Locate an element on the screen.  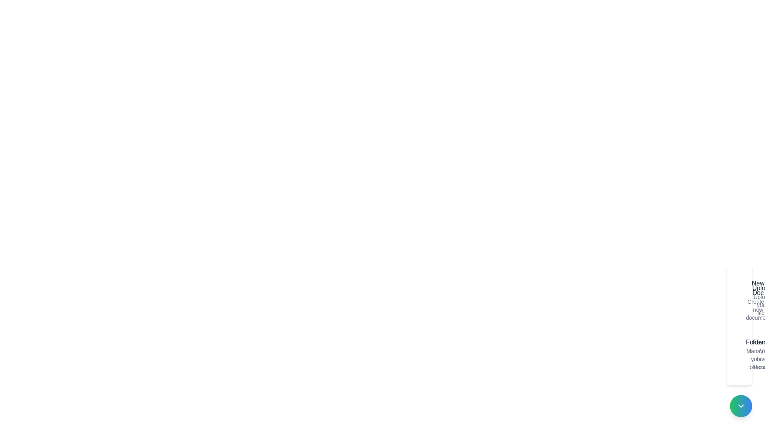
the 'Folders' option in the DocumentSpeedDial component is located at coordinates (741, 354).